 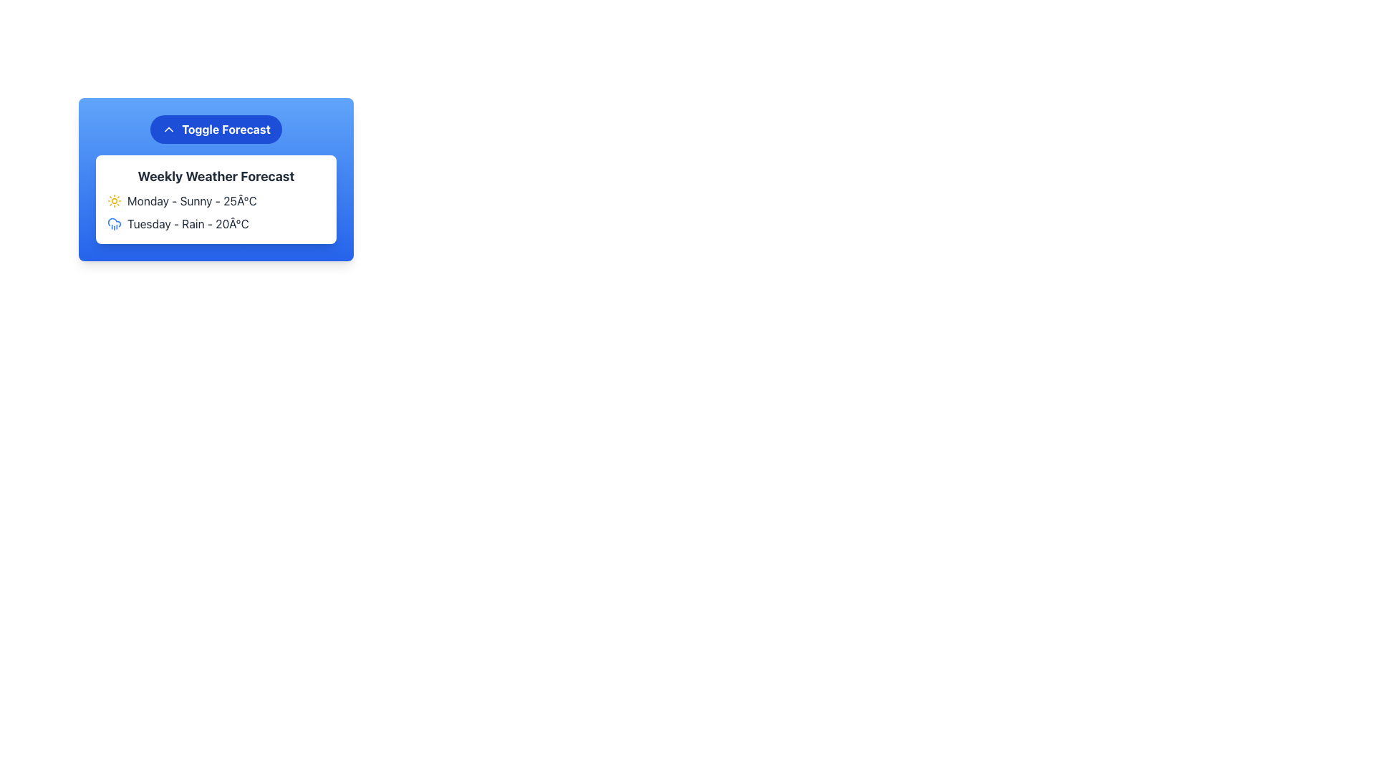 What do you see at coordinates (113, 223) in the screenshot?
I see `the rain icon representing Tuesday's weather in the 'Weekly Weather Forecast' section, located to the left of the text 'Tuesday - Rain - 20°C'` at bounding box center [113, 223].